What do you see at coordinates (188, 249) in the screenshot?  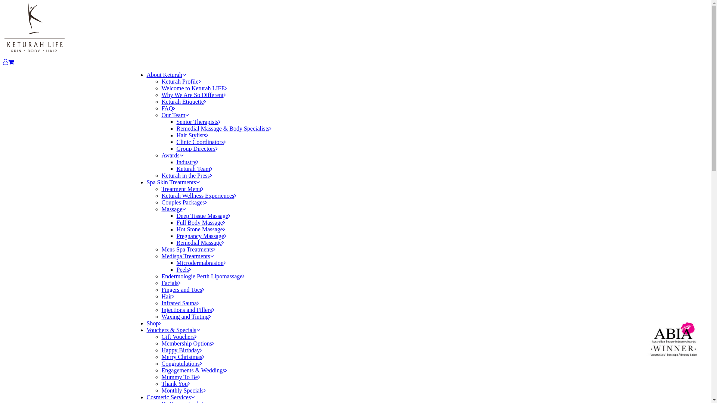 I see `'Mens Spa Treatments'` at bounding box center [188, 249].